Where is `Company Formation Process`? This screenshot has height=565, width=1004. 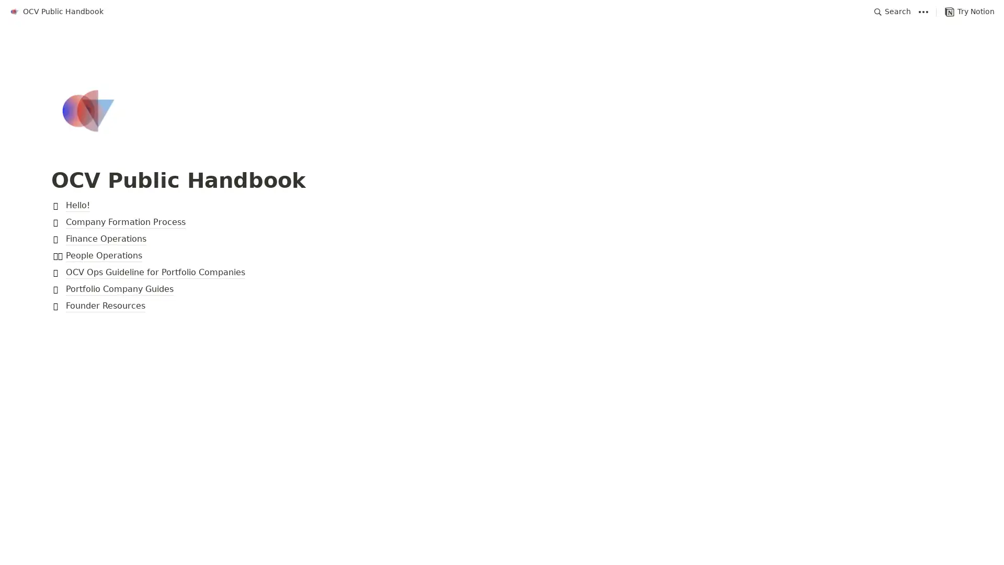
Company Formation Process is located at coordinates (502, 222).